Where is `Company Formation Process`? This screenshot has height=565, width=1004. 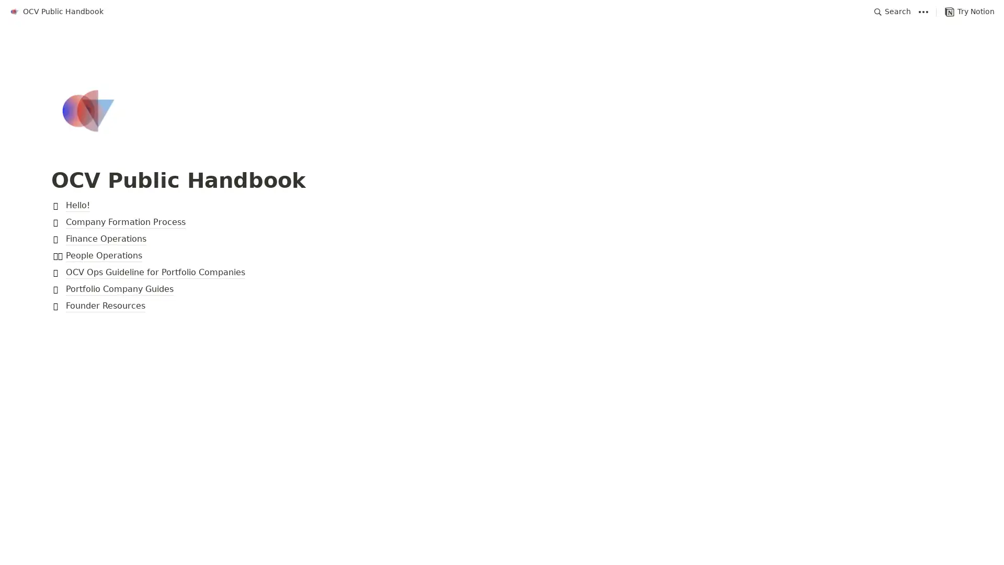
Company Formation Process is located at coordinates (502, 222).